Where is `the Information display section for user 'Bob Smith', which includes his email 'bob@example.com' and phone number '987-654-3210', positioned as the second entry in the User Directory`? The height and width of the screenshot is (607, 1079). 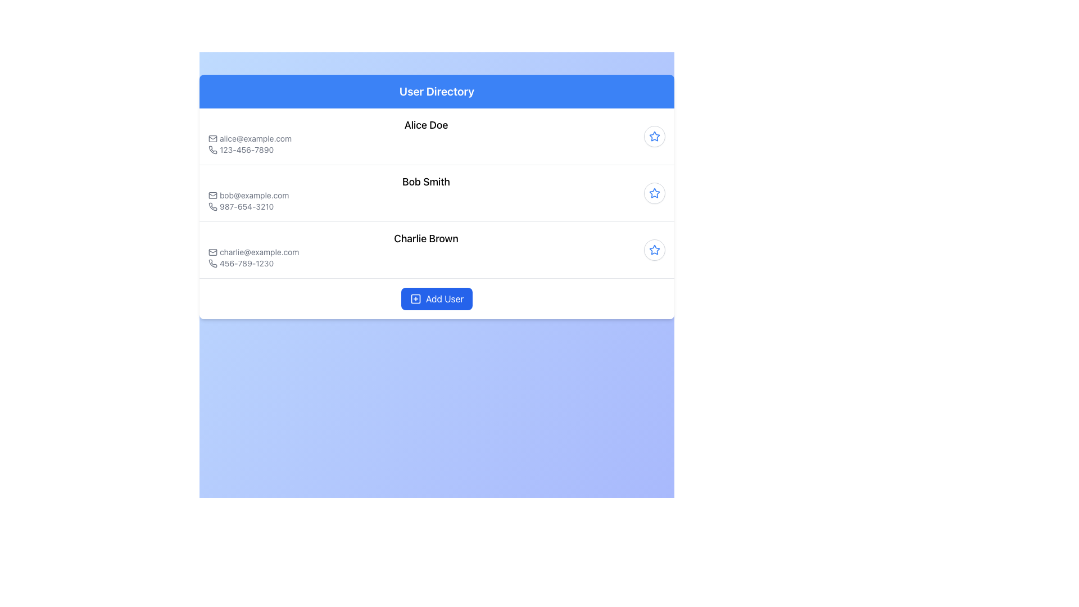
the Information display section for user 'Bob Smith', which includes his email 'bob@example.com' and phone number '987-654-3210', positioned as the second entry in the User Directory is located at coordinates (425, 192).